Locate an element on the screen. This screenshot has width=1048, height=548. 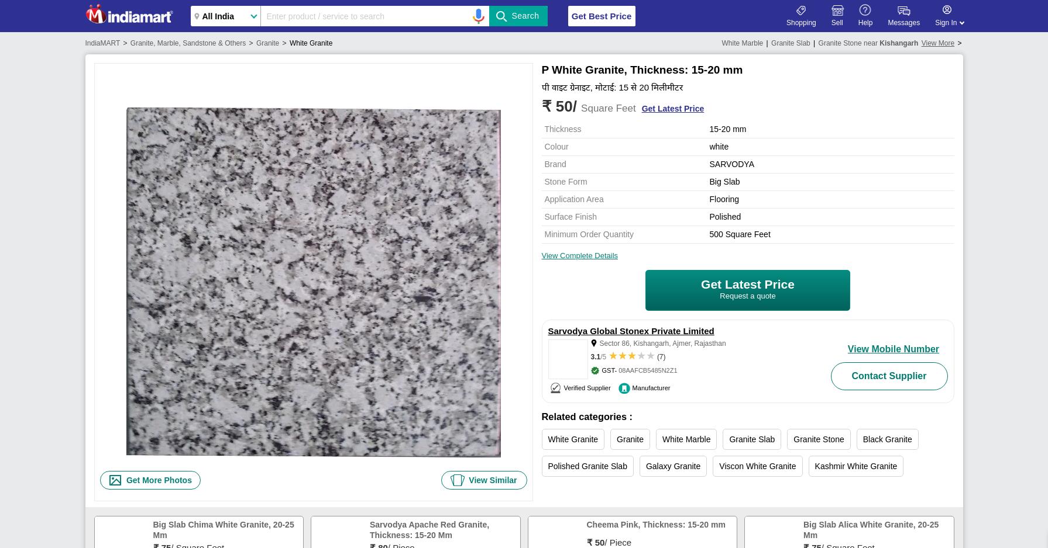
'River White Granite' is located at coordinates (747, 492).